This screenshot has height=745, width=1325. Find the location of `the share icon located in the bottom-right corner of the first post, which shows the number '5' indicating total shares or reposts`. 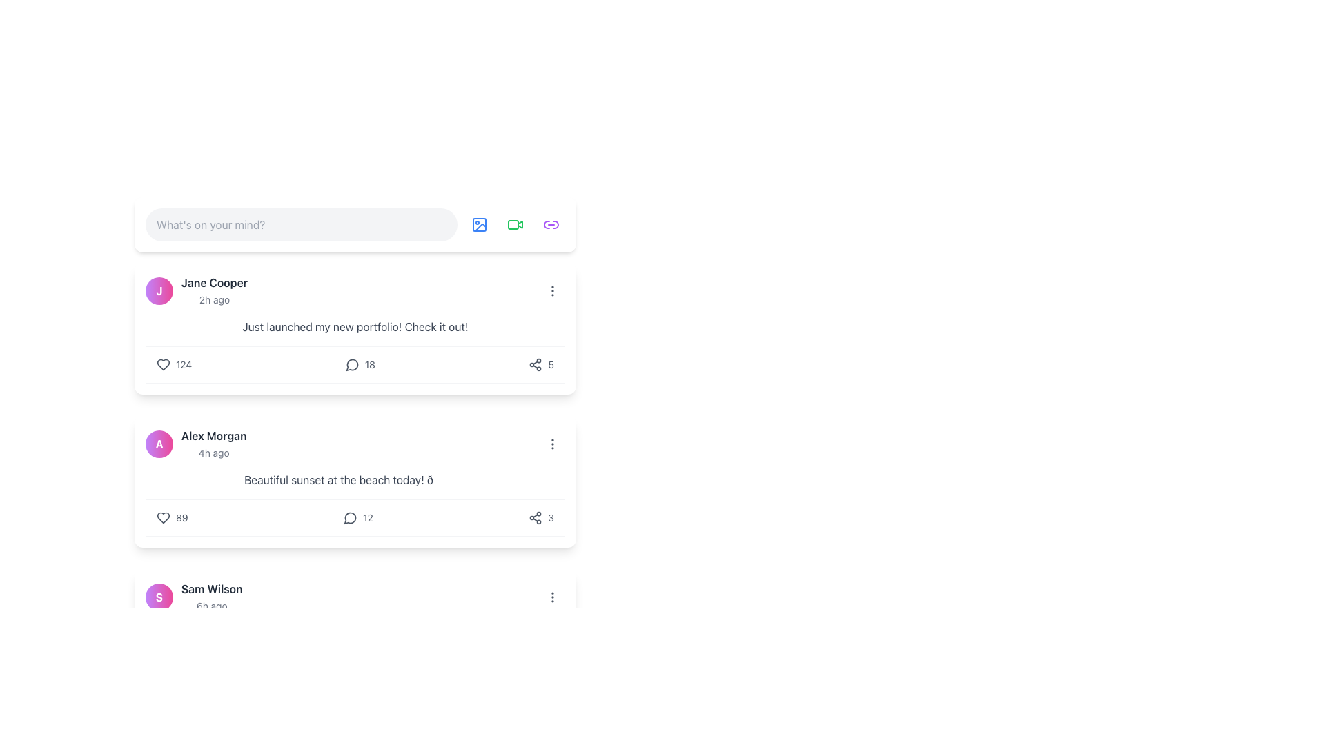

the share icon located in the bottom-right corner of the first post, which shows the number '5' indicating total shares or reposts is located at coordinates (540, 364).